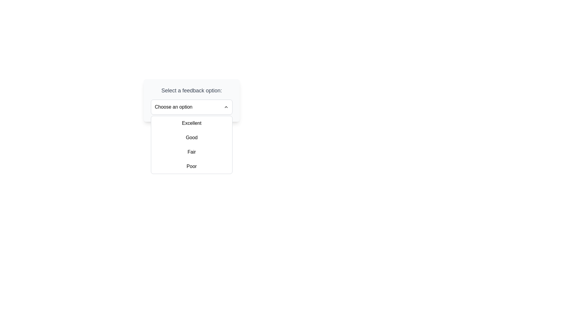 This screenshot has width=576, height=324. What do you see at coordinates (191, 123) in the screenshot?
I see `to select the first item in the vertical list of options labeled 'Excellent' within the dropdown menu titled 'Select a feedback option'` at bounding box center [191, 123].